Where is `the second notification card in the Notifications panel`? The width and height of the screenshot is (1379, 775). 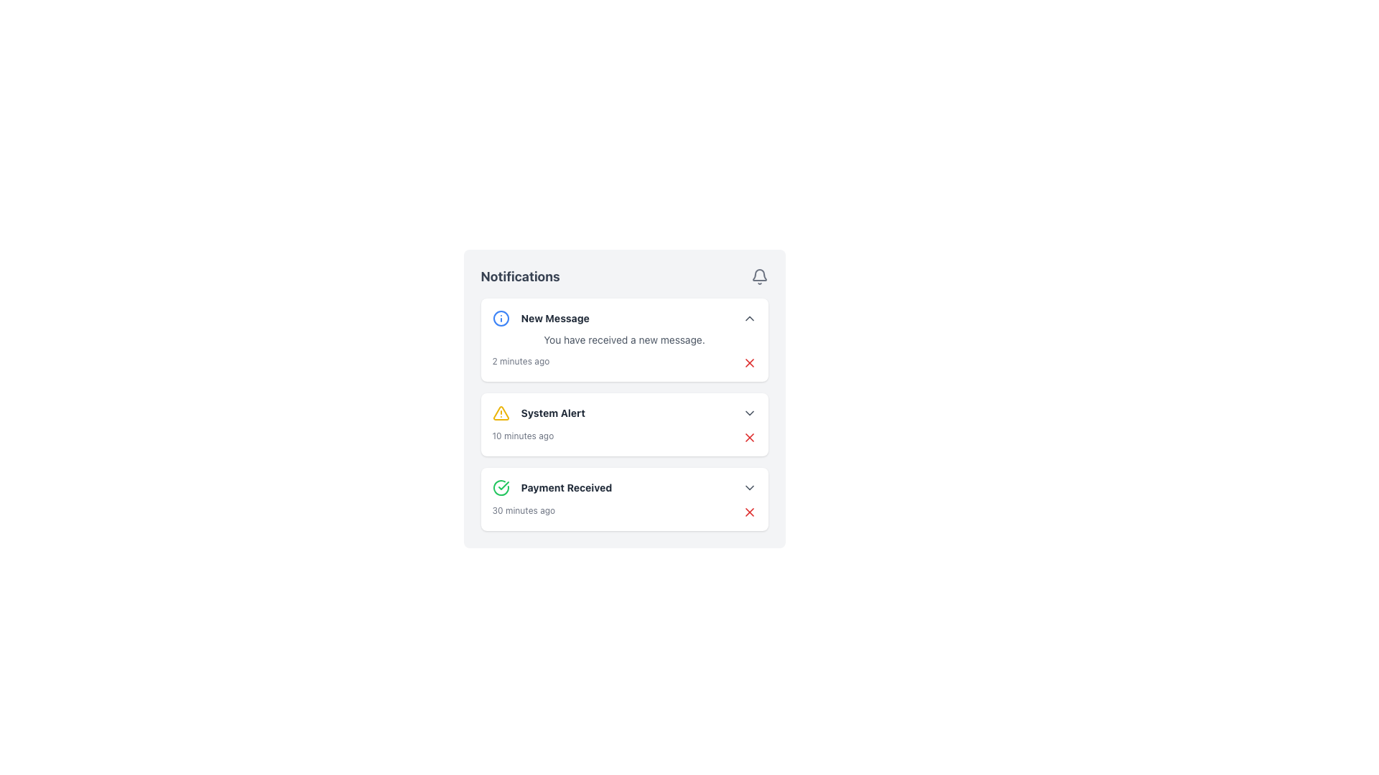 the second notification card in the Notifications panel is located at coordinates (624, 415).